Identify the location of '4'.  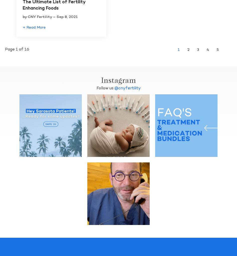
(206, 49).